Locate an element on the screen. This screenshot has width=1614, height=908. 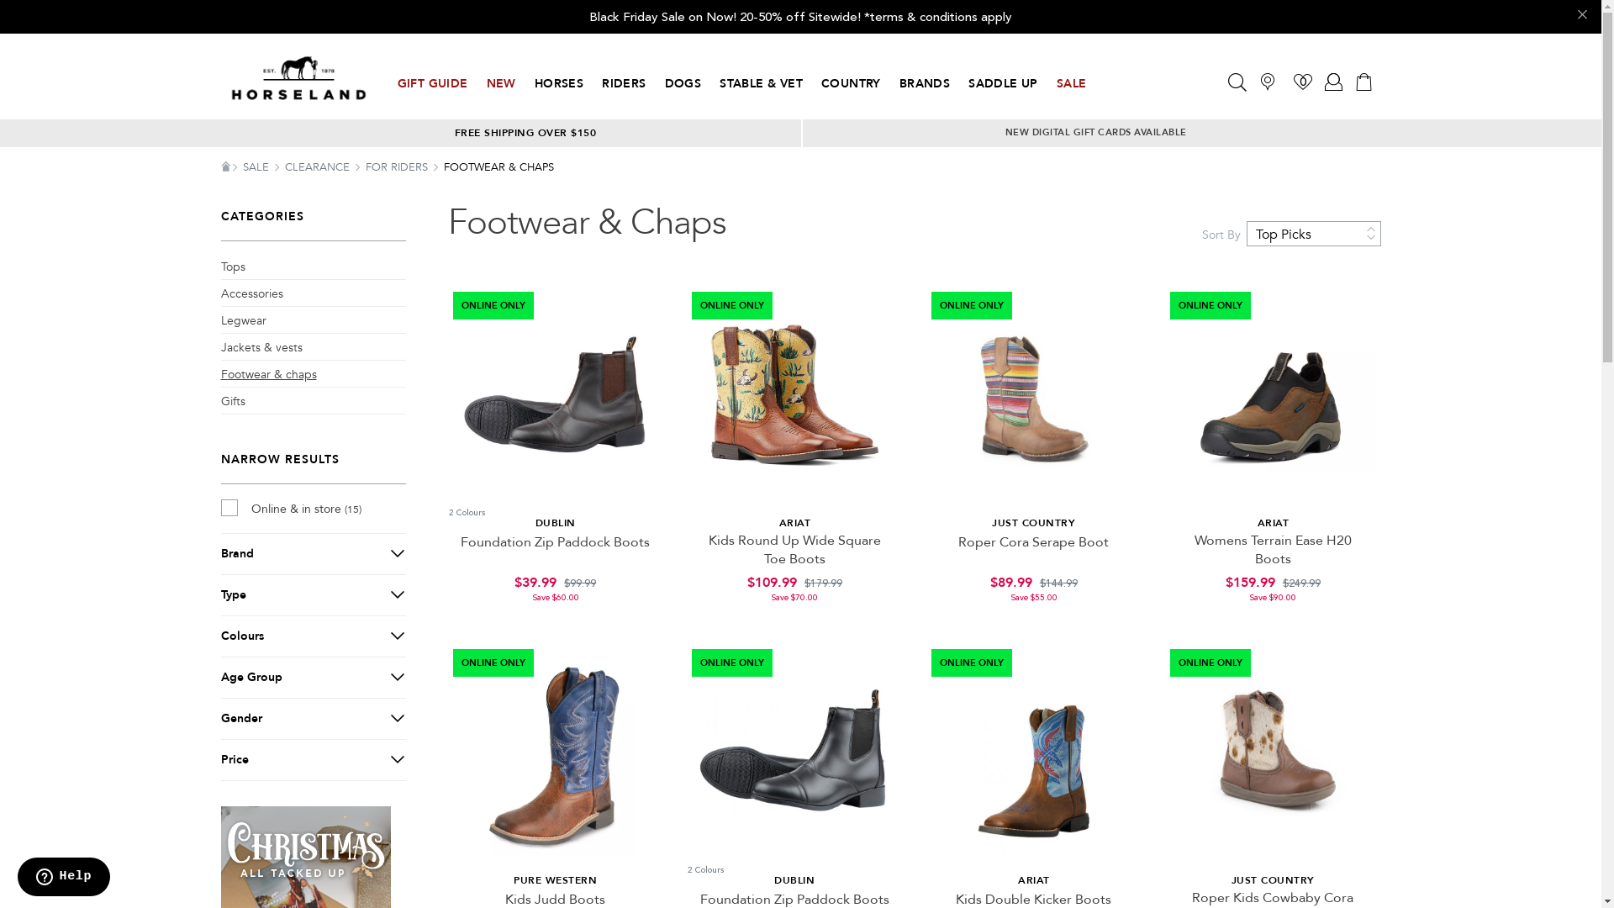
'RIDERS' is located at coordinates (623, 84).